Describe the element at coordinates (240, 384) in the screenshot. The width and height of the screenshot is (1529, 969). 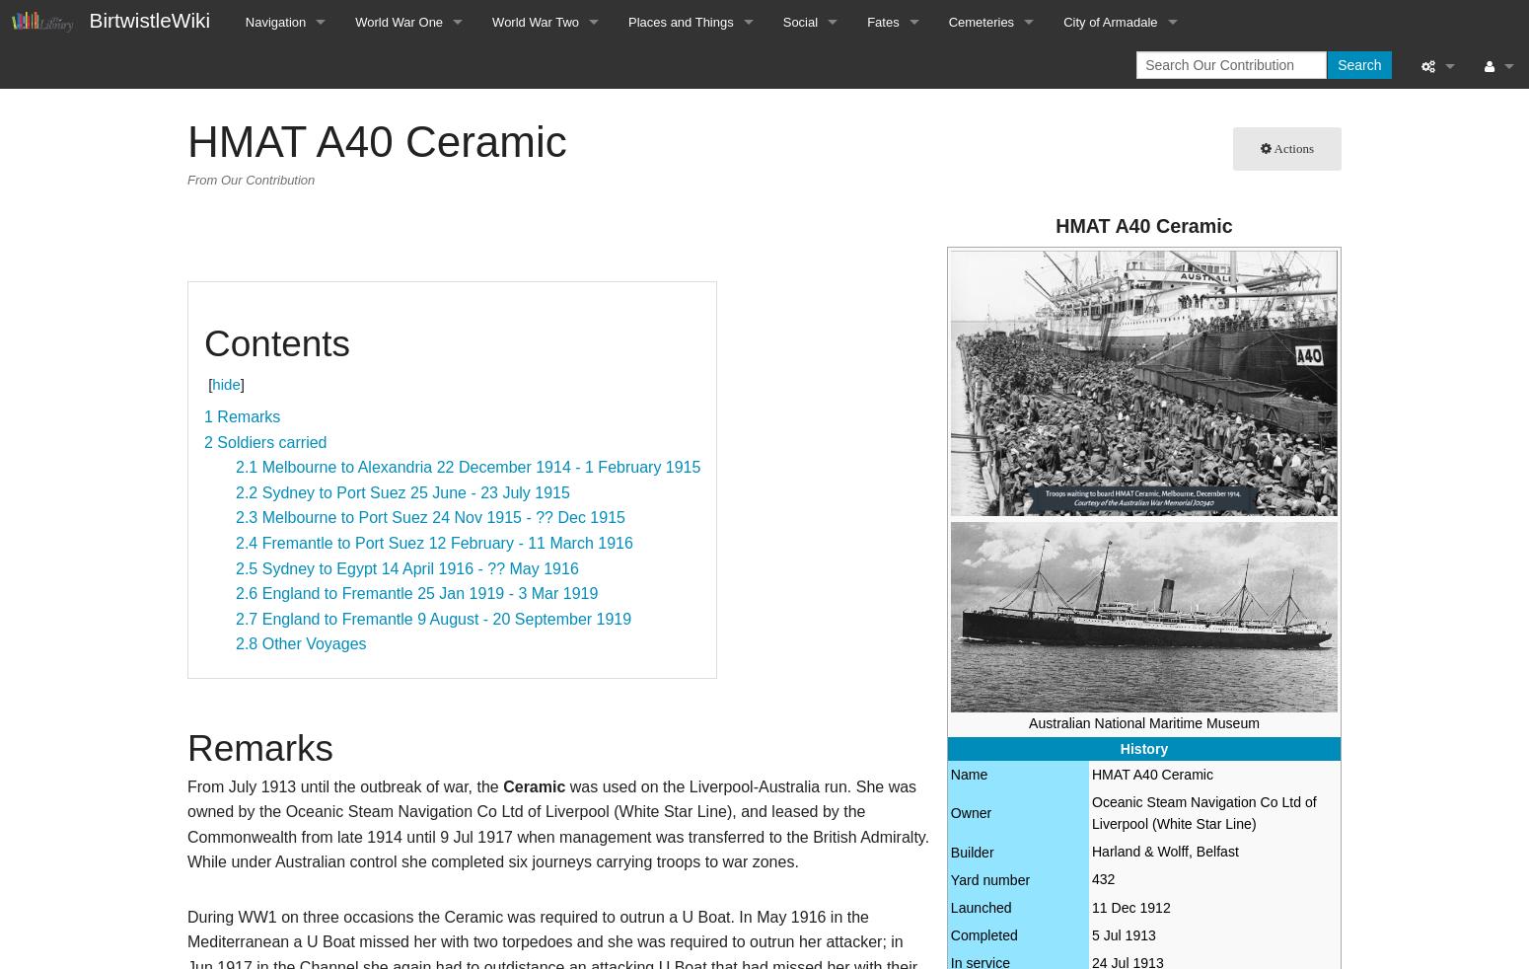
I see `']'` at that location.